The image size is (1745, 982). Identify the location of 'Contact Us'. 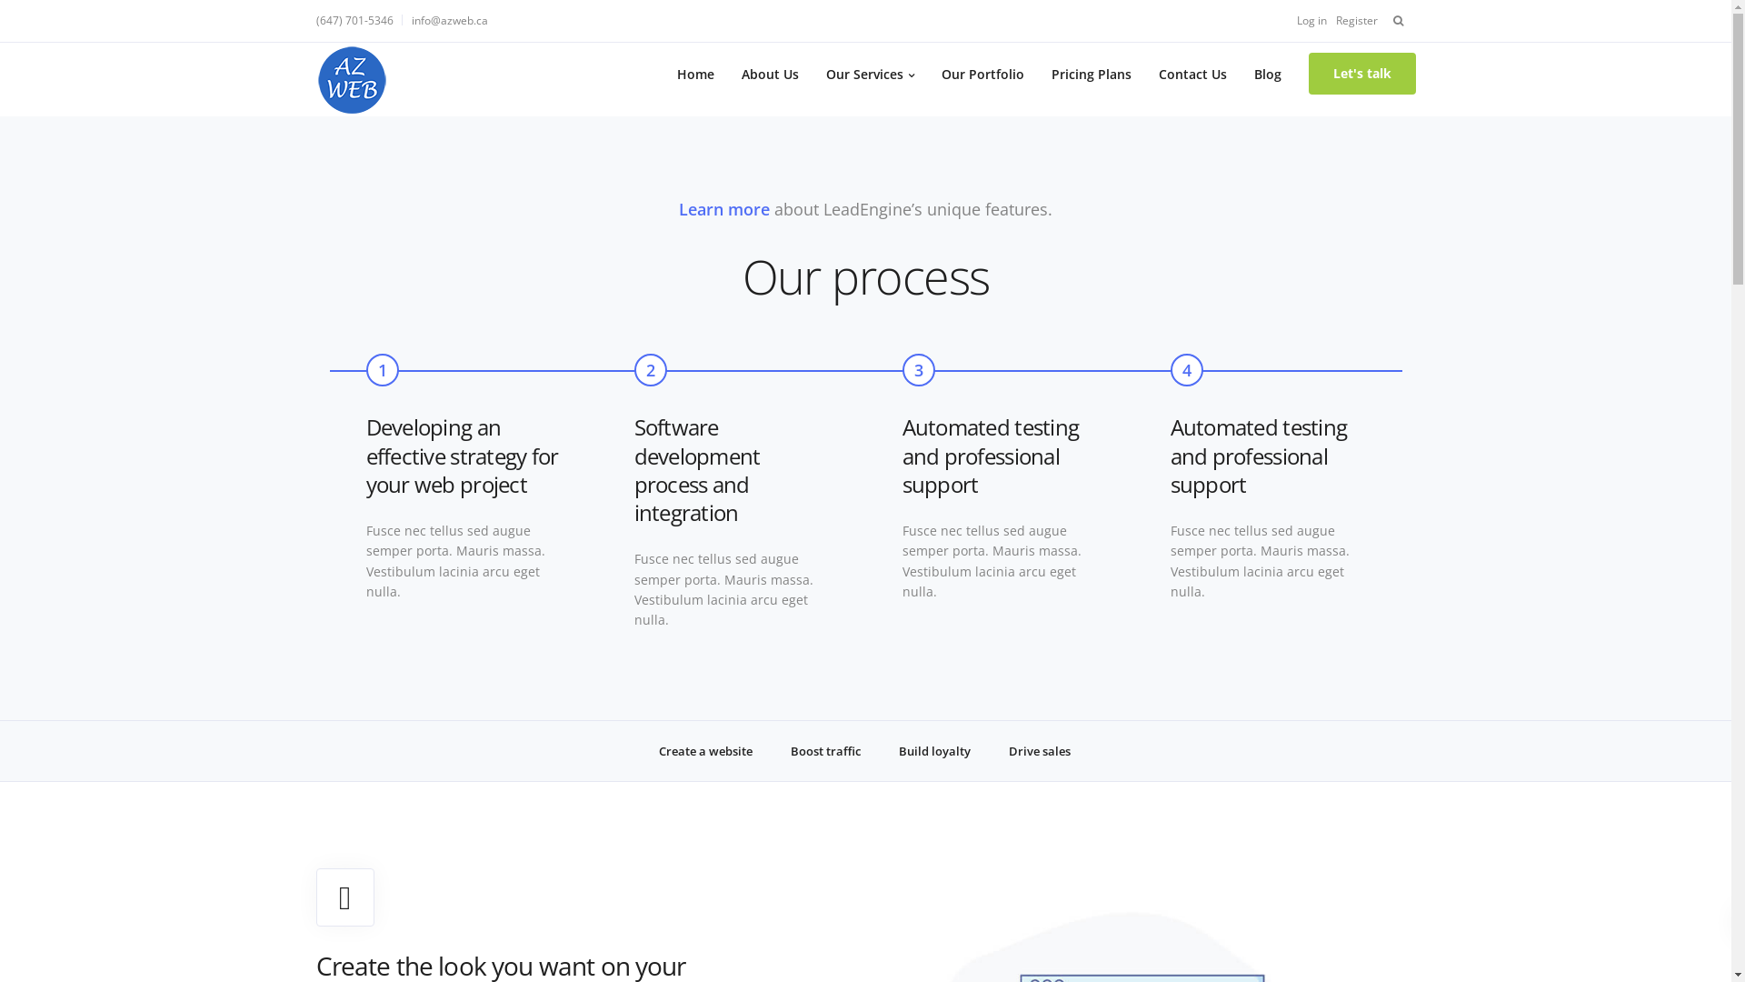
(1143, 73).